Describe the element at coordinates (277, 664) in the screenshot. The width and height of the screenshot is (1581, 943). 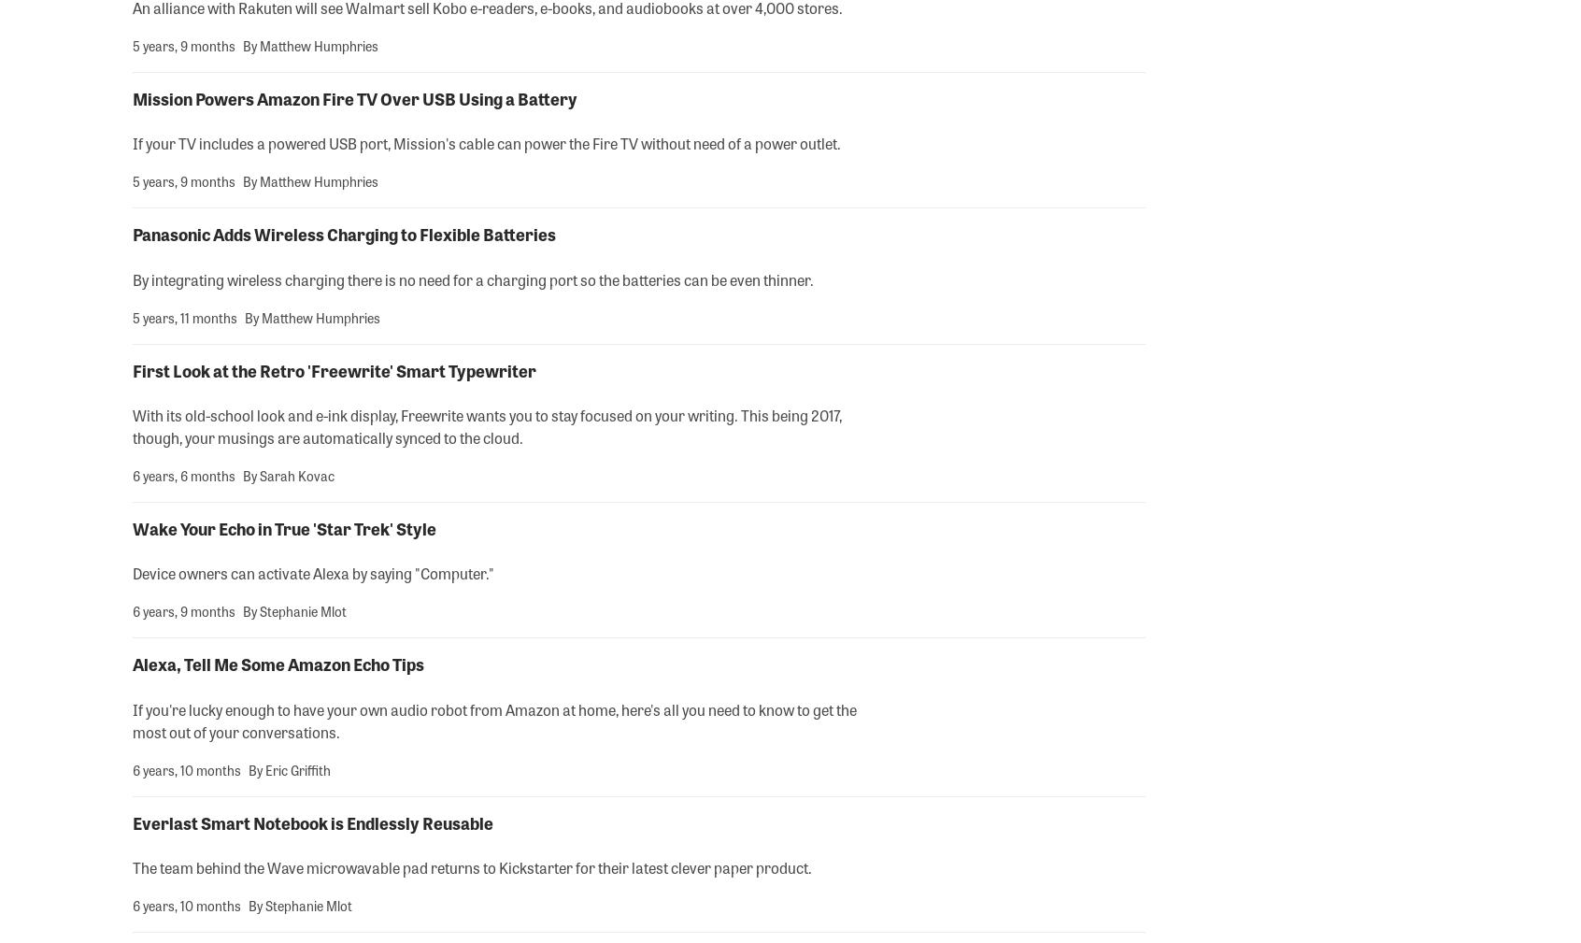
I see `'Alexa, Tell Me Some Amazon Echo Tips'` at that location.